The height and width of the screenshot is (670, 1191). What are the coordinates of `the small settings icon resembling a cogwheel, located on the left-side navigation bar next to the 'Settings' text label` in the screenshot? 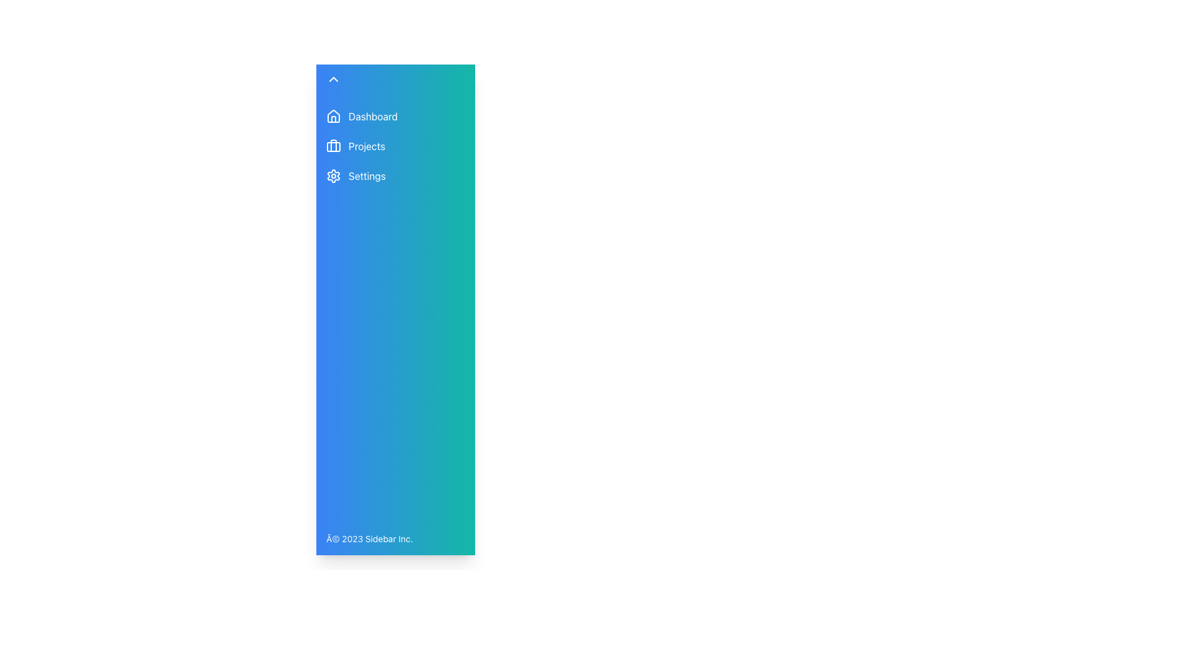 It's located at (333, 176).